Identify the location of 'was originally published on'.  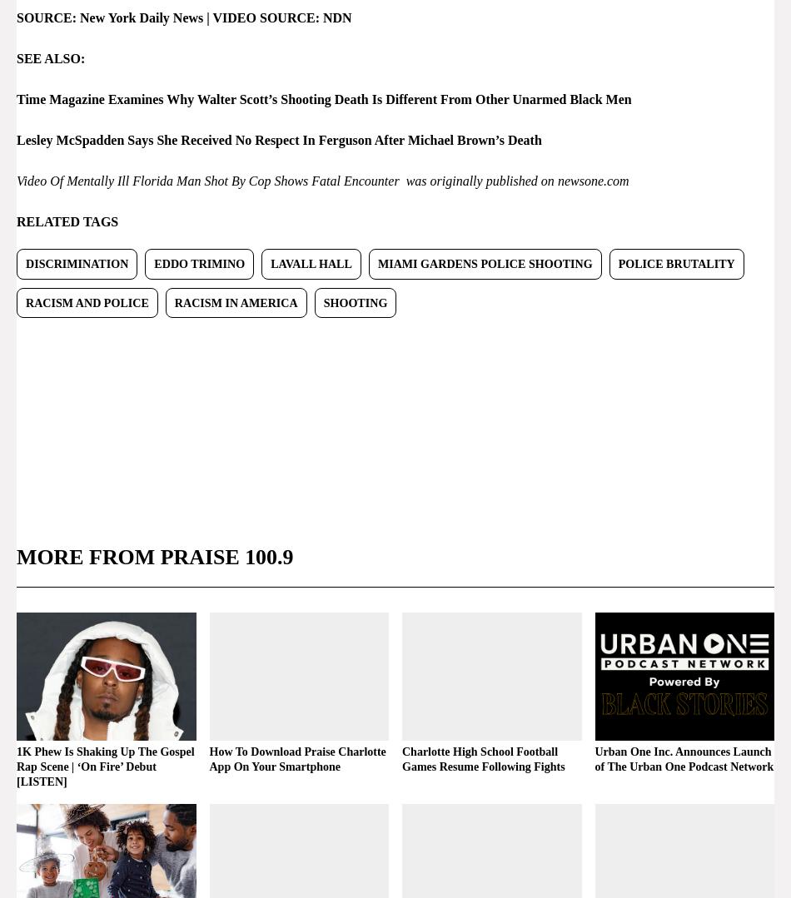
(477, 179).